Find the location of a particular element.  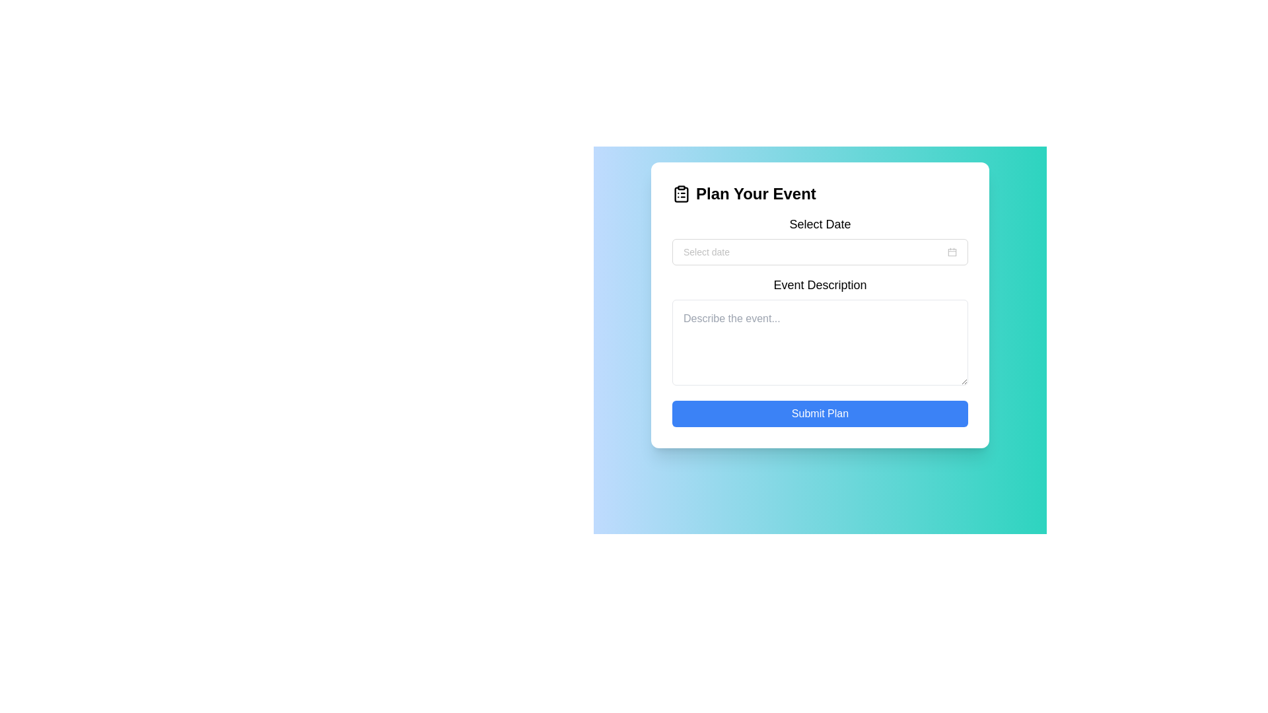

a date from the calendar by clicking on the Date Picker Input Field located in the 'Plan Your Event' section, which is the first input field below 'Select Date' and has a calendar icon on its right is located at coordinates (820, 252).